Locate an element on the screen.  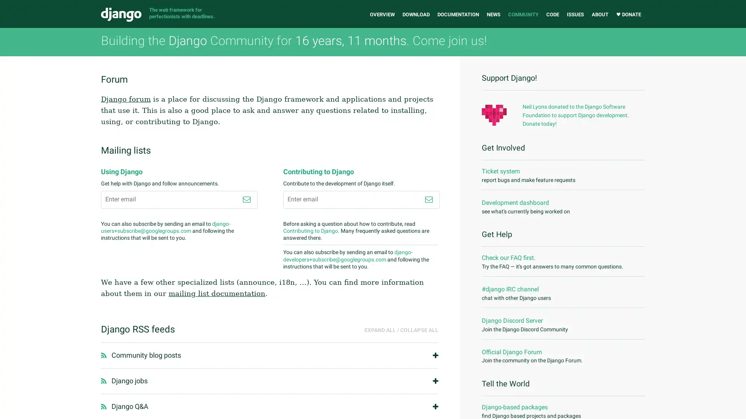
Subscribe is located at coordinates (428, 199).